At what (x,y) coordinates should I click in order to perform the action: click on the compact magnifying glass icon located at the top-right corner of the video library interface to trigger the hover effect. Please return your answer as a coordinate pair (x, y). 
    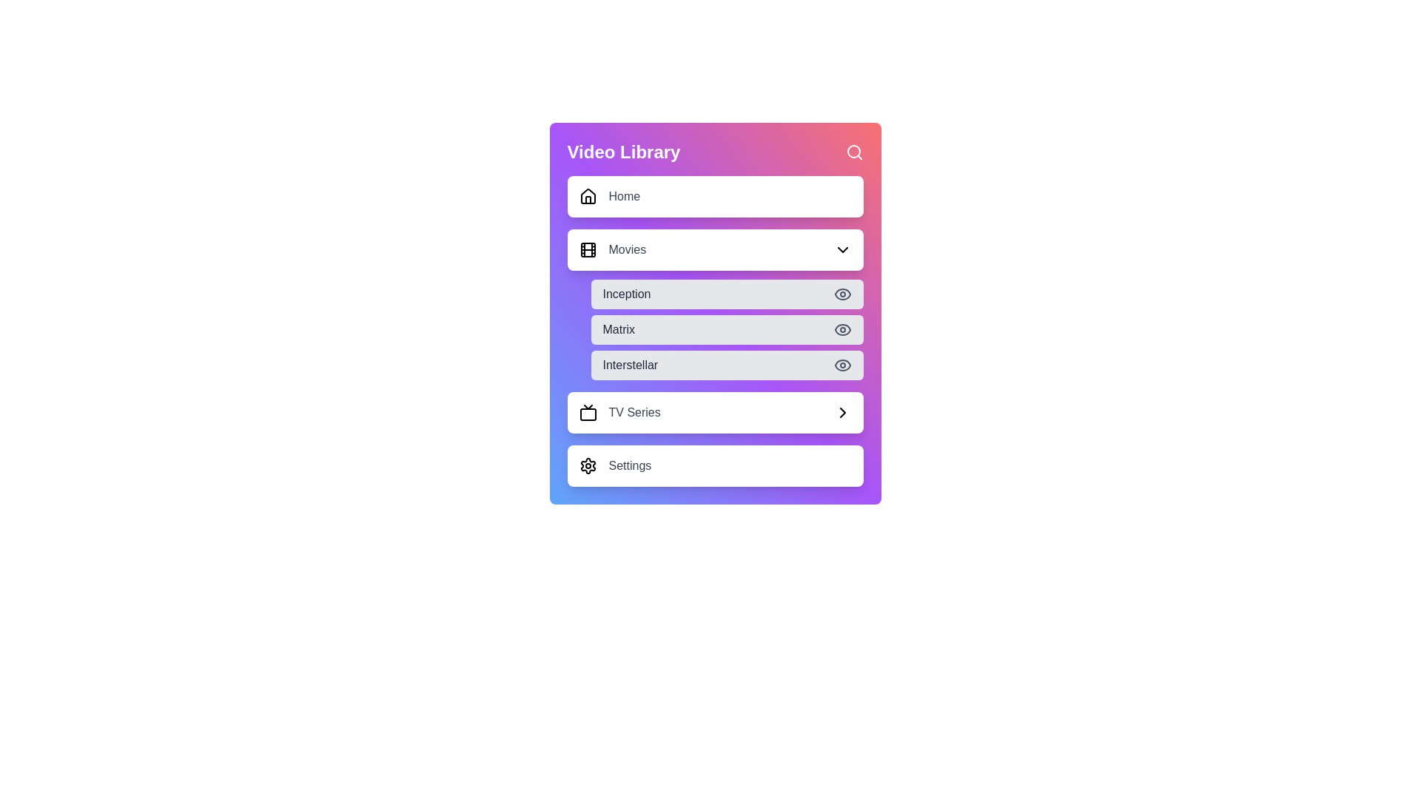
    Looking at the image, I should click on (854, 152).